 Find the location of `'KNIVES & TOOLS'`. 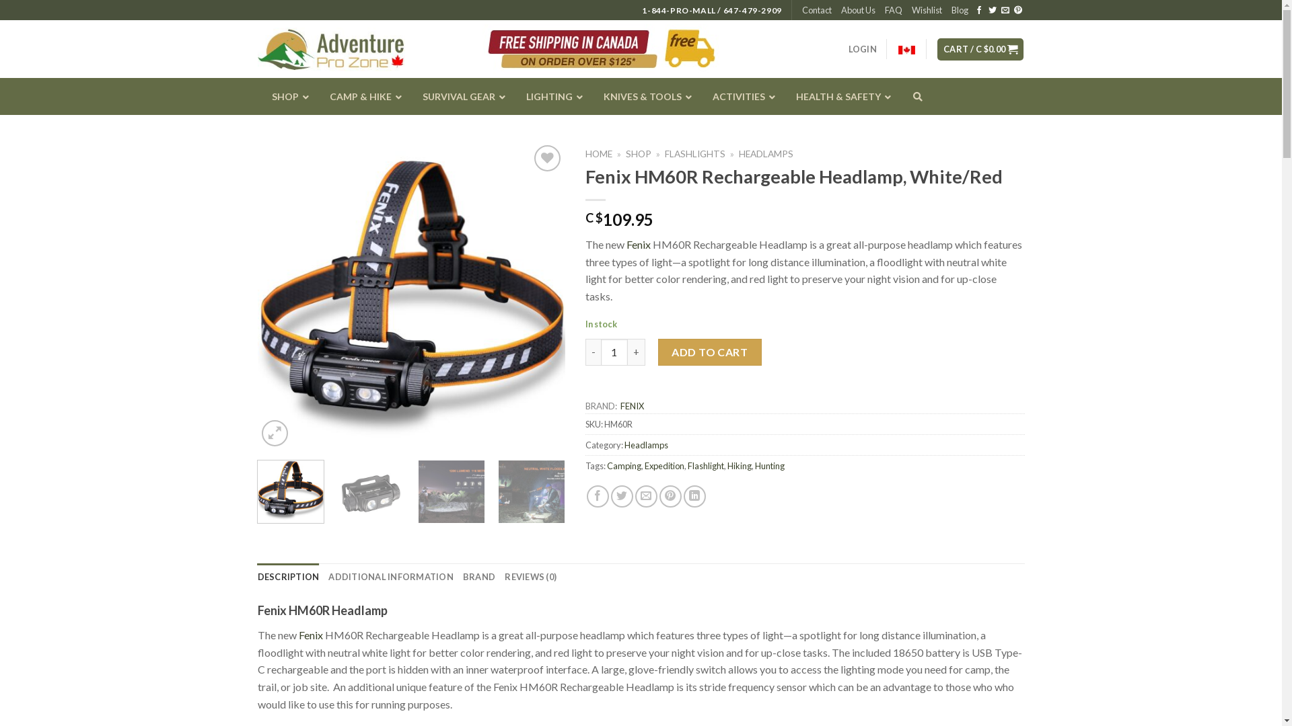

'KNIVES & TOOLS' is located at coordinates (643, 95).